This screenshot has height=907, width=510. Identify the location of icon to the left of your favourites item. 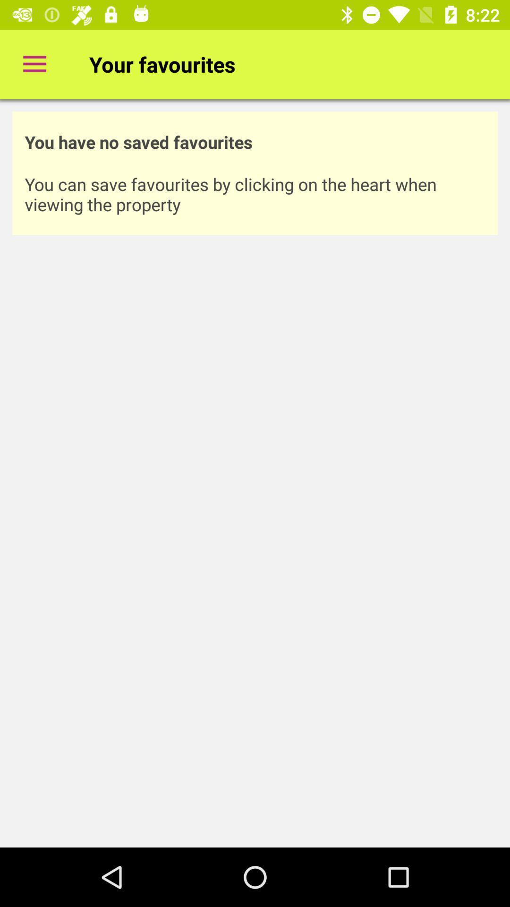
(34, 64).